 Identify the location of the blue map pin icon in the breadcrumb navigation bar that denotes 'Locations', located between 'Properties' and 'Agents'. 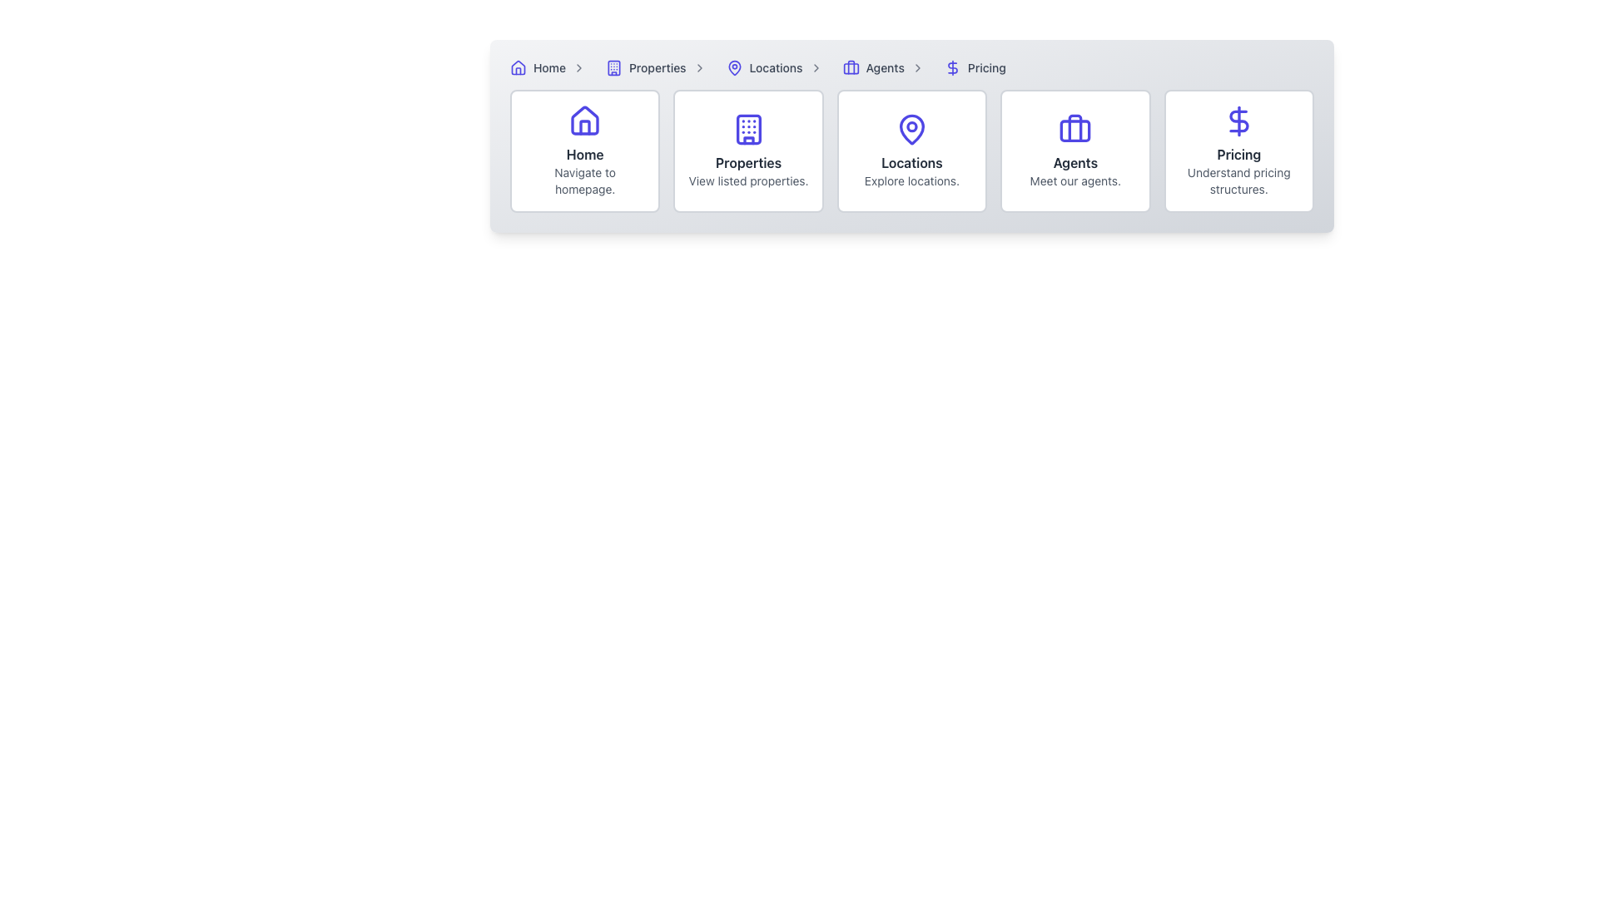
(733, 67).